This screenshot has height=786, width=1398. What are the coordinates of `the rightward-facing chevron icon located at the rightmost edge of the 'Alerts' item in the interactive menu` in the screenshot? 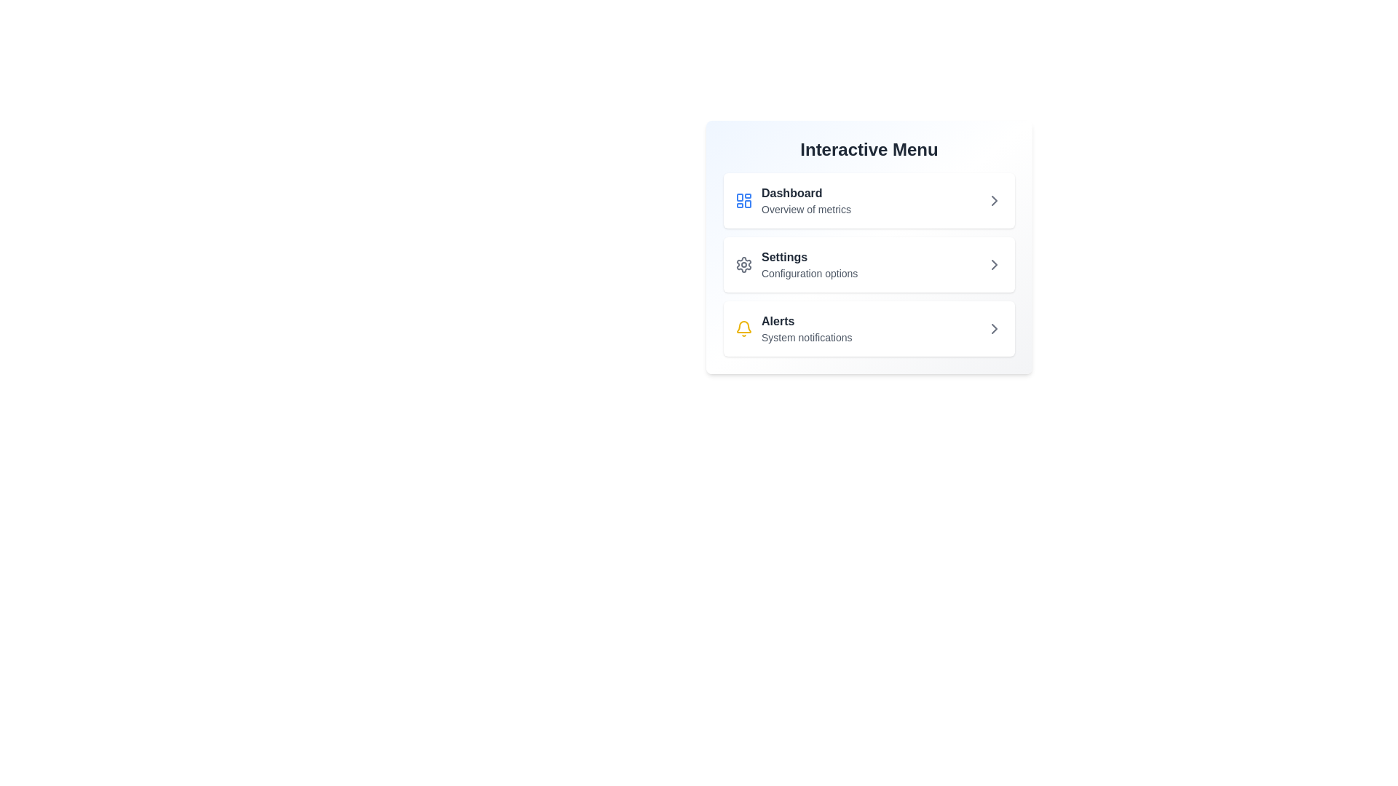 It's located at (994, 328).